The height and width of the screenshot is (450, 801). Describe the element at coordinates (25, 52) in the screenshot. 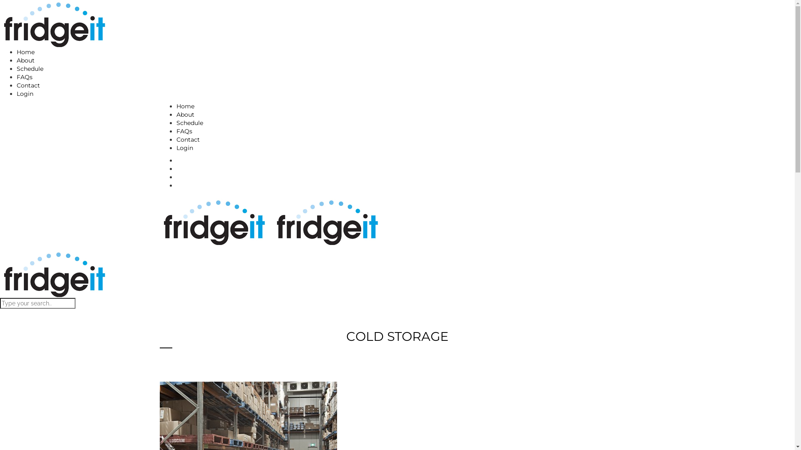

I see `'Home'` at that location.